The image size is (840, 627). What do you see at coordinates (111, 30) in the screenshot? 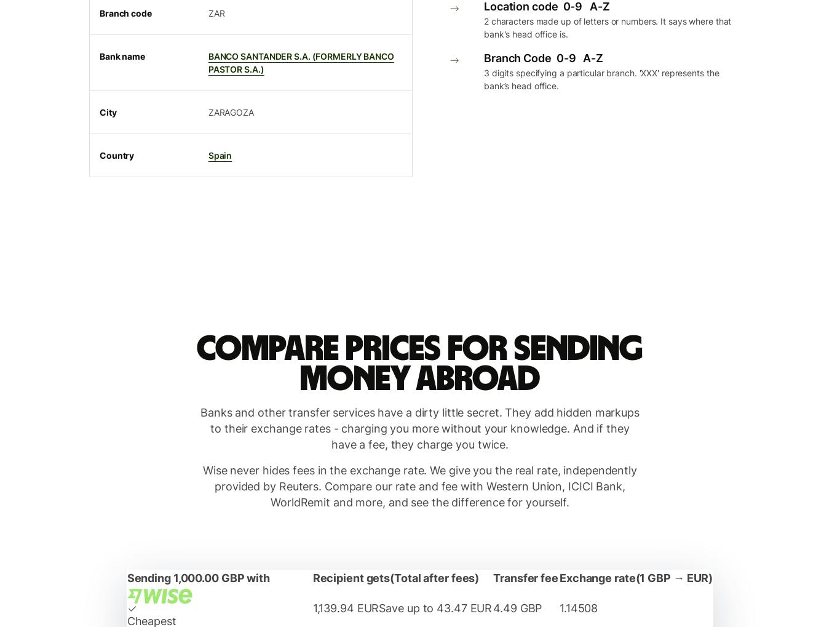
I see `'News and blog'` at bounding box center [111, 30].